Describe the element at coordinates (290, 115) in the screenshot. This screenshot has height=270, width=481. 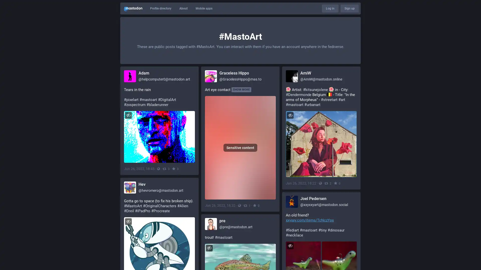
I see `Hide image` at that location.